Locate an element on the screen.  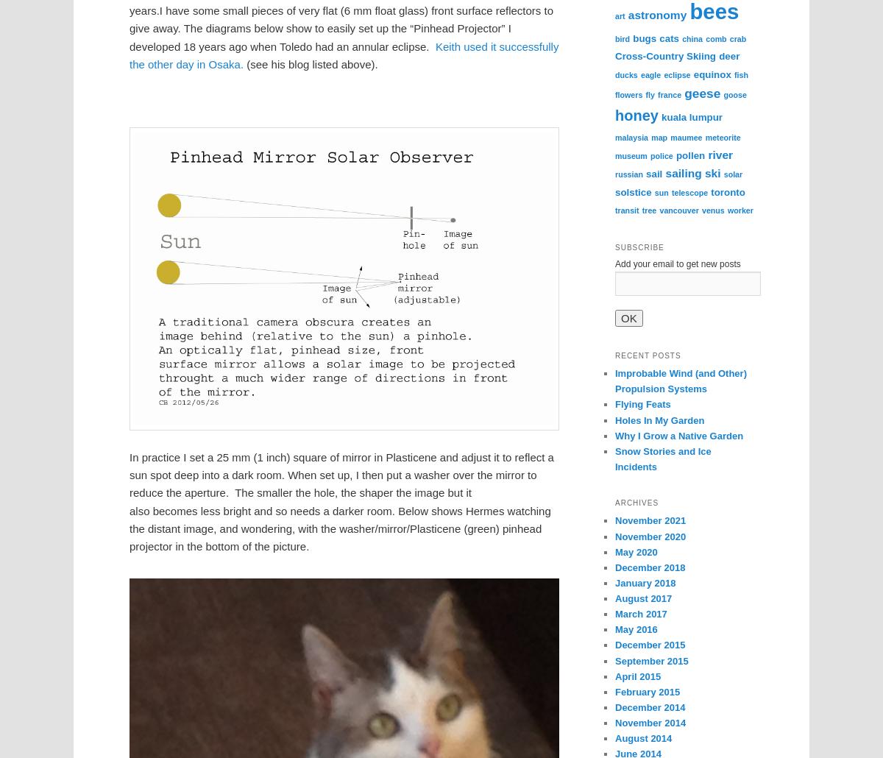
'telescope' is located at coordinates (689, 191).